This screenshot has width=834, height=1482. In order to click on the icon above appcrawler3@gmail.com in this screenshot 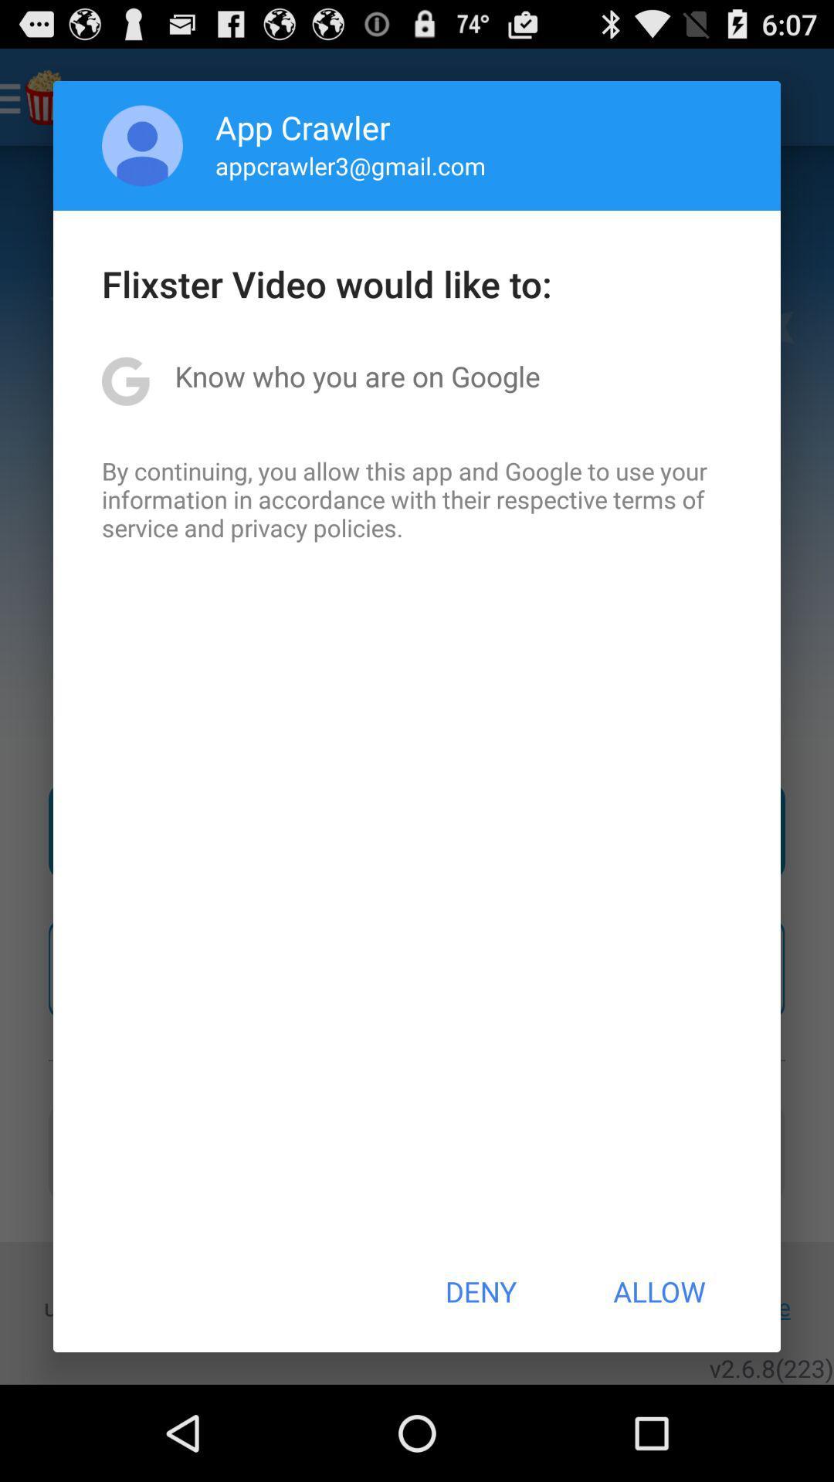, I will do `click(303, 127)`.